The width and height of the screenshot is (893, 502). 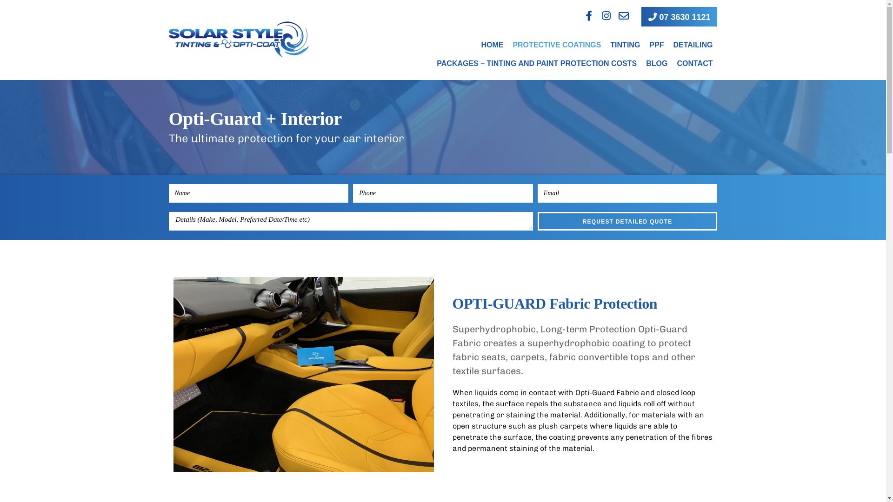 I want to click on '07 3630 1121', so click(x=679, y=16).